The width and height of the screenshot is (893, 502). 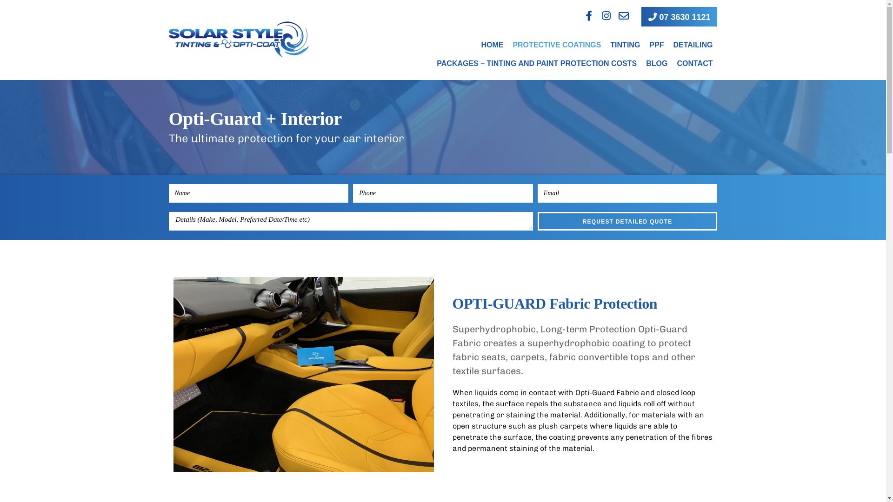 I want to click on '07 3630 1121', so click(x=679, y=16).